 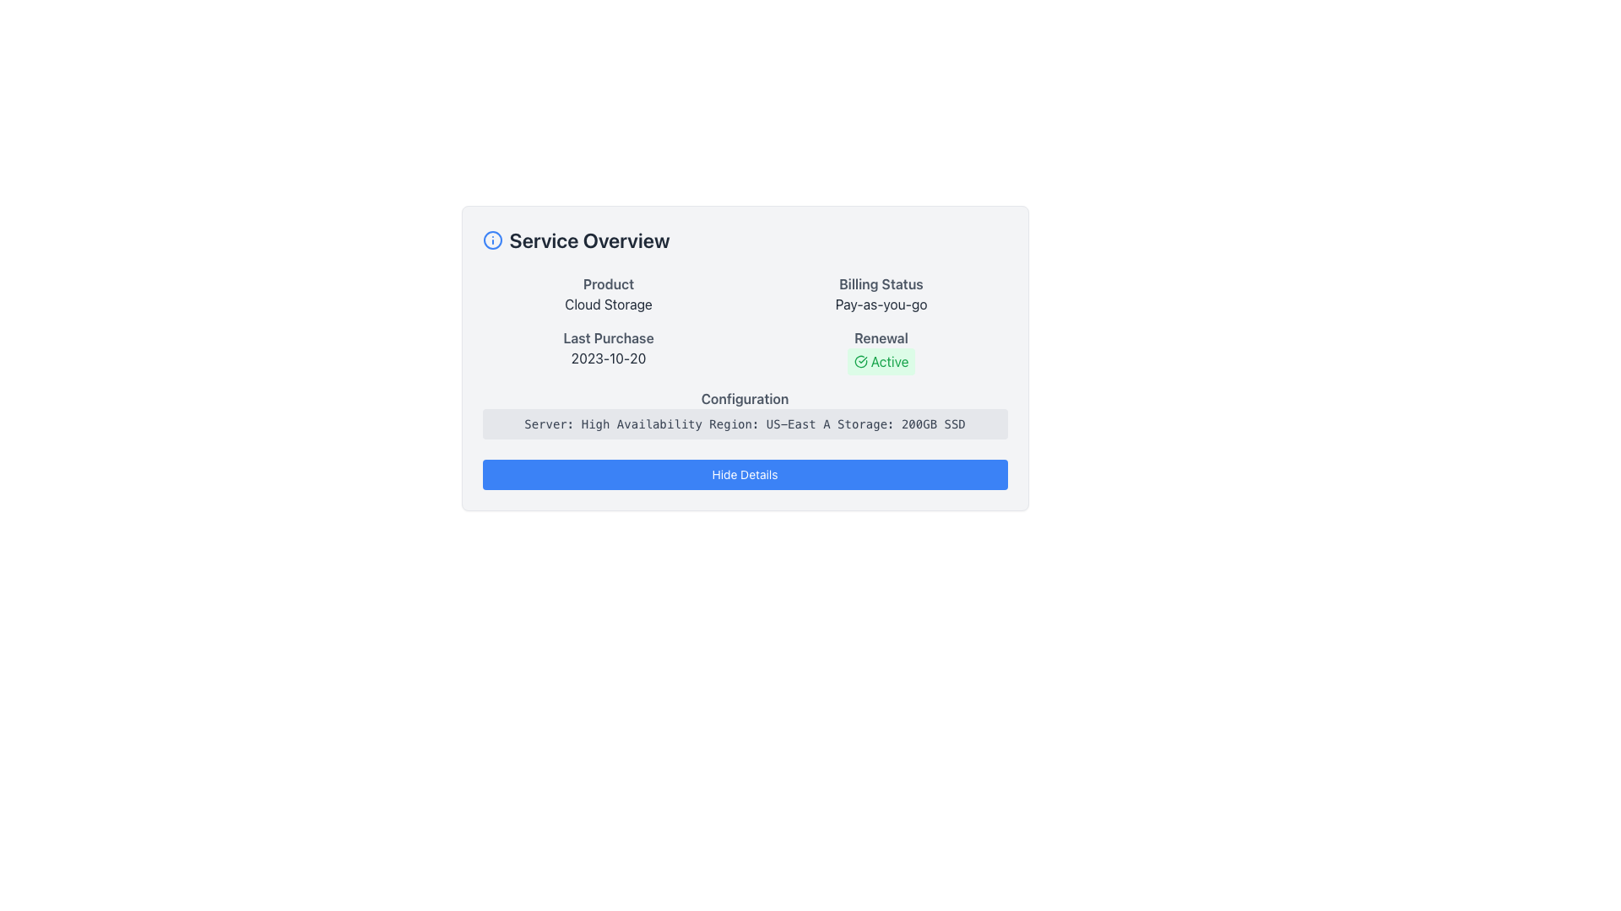 I want to click on the small circular SVG icon with a checkmark inside, which has a green border and is located next to the text 'Active' in the 'Billing Status' section, so click(x=860, y=360).